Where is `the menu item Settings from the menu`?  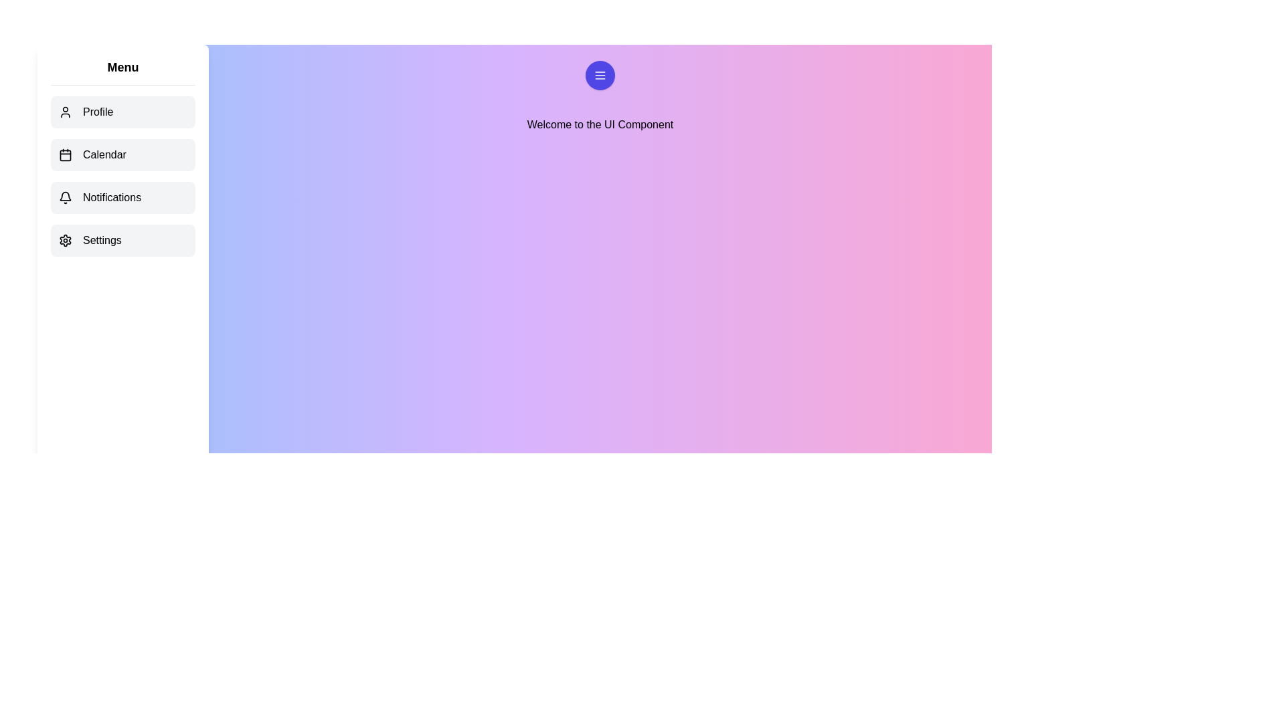
the menu item Settings from the menu is located at coordinates (122, 239).